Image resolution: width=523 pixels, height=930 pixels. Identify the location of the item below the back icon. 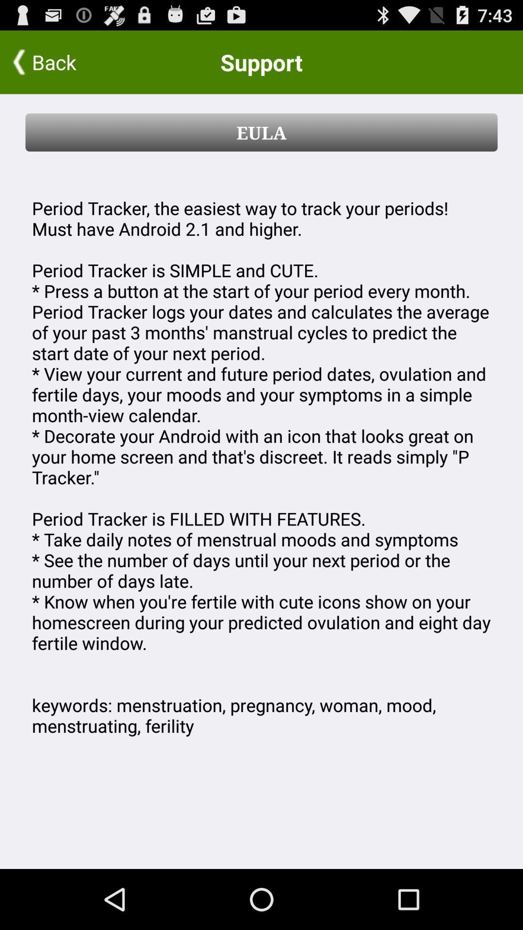
(261, 132).